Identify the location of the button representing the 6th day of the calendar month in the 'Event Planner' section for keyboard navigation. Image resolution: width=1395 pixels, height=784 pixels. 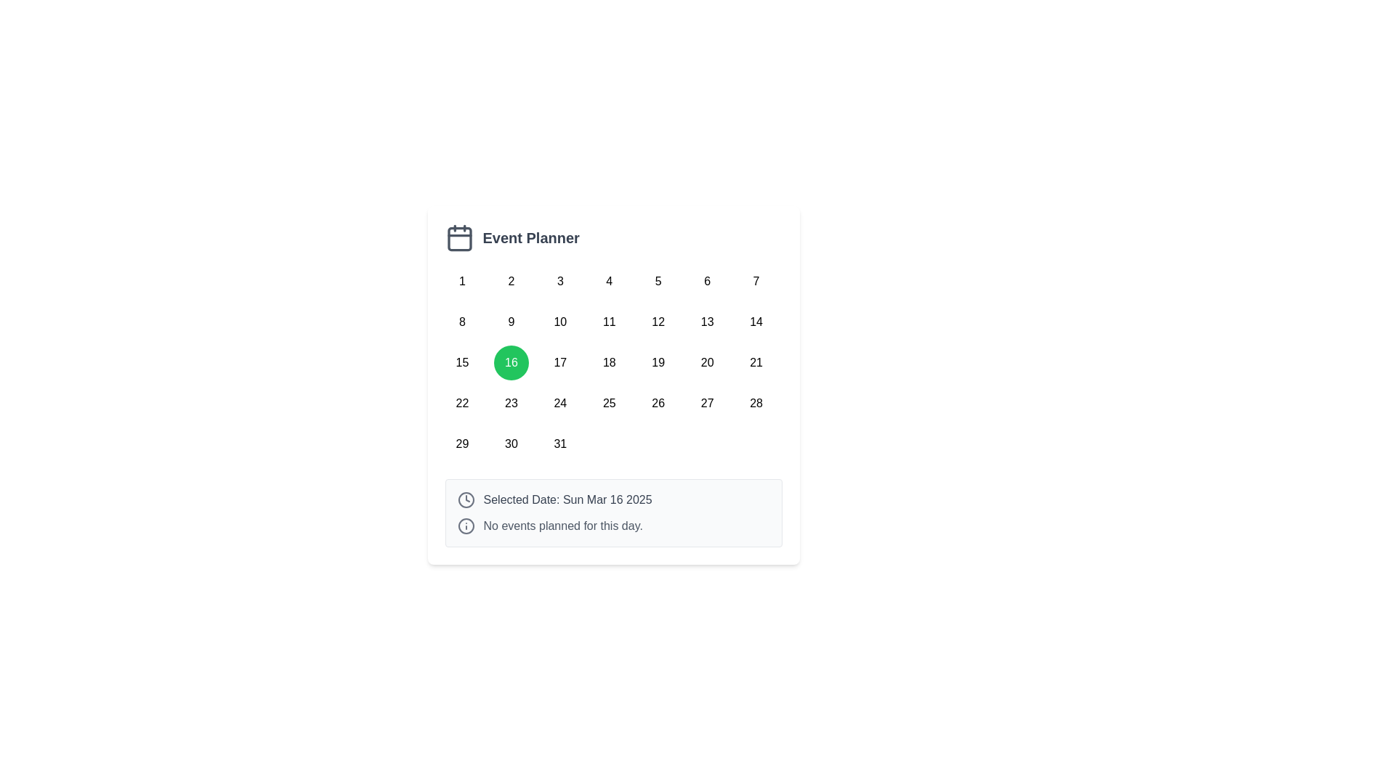
(707, 282).